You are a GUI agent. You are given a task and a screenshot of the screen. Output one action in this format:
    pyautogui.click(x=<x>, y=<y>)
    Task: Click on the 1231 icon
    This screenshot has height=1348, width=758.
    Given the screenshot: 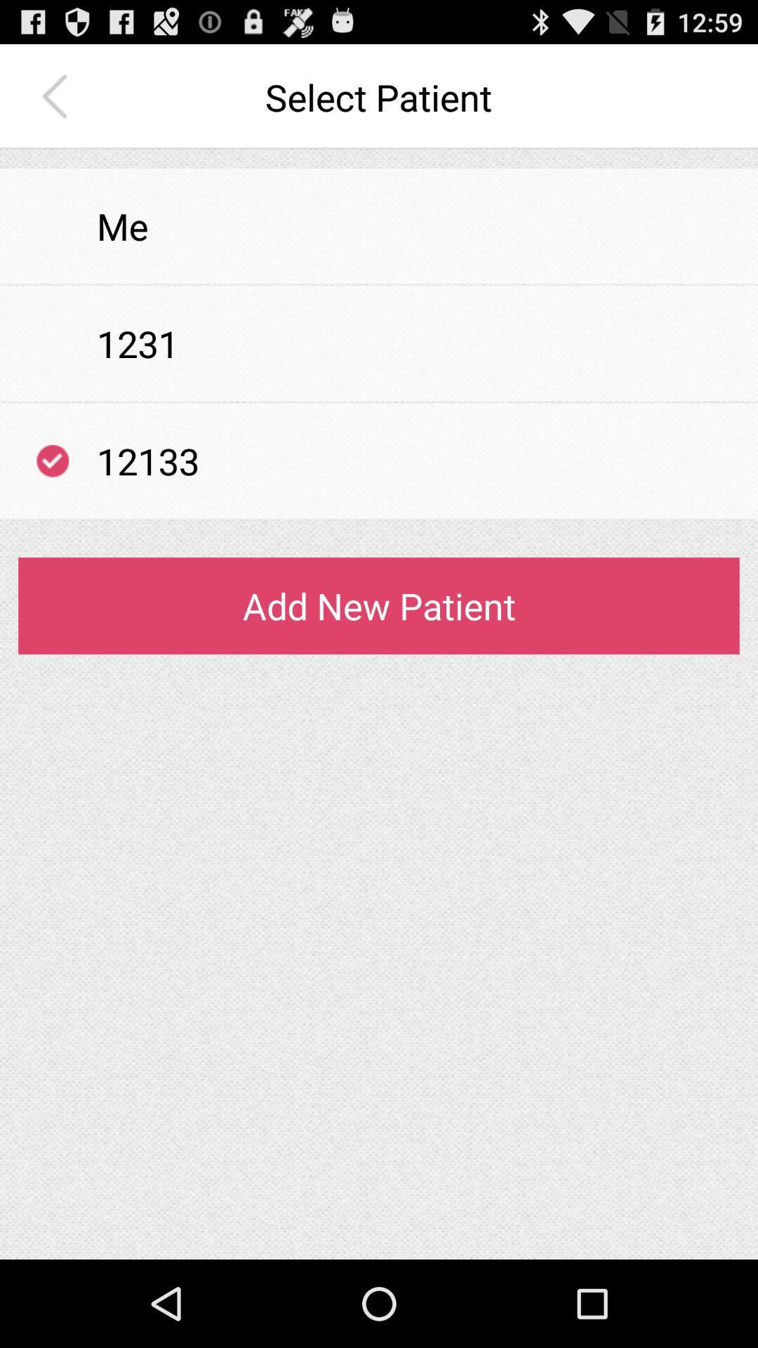 What is the action you would take?
    pyautogui.click(x=138, y=343)
    